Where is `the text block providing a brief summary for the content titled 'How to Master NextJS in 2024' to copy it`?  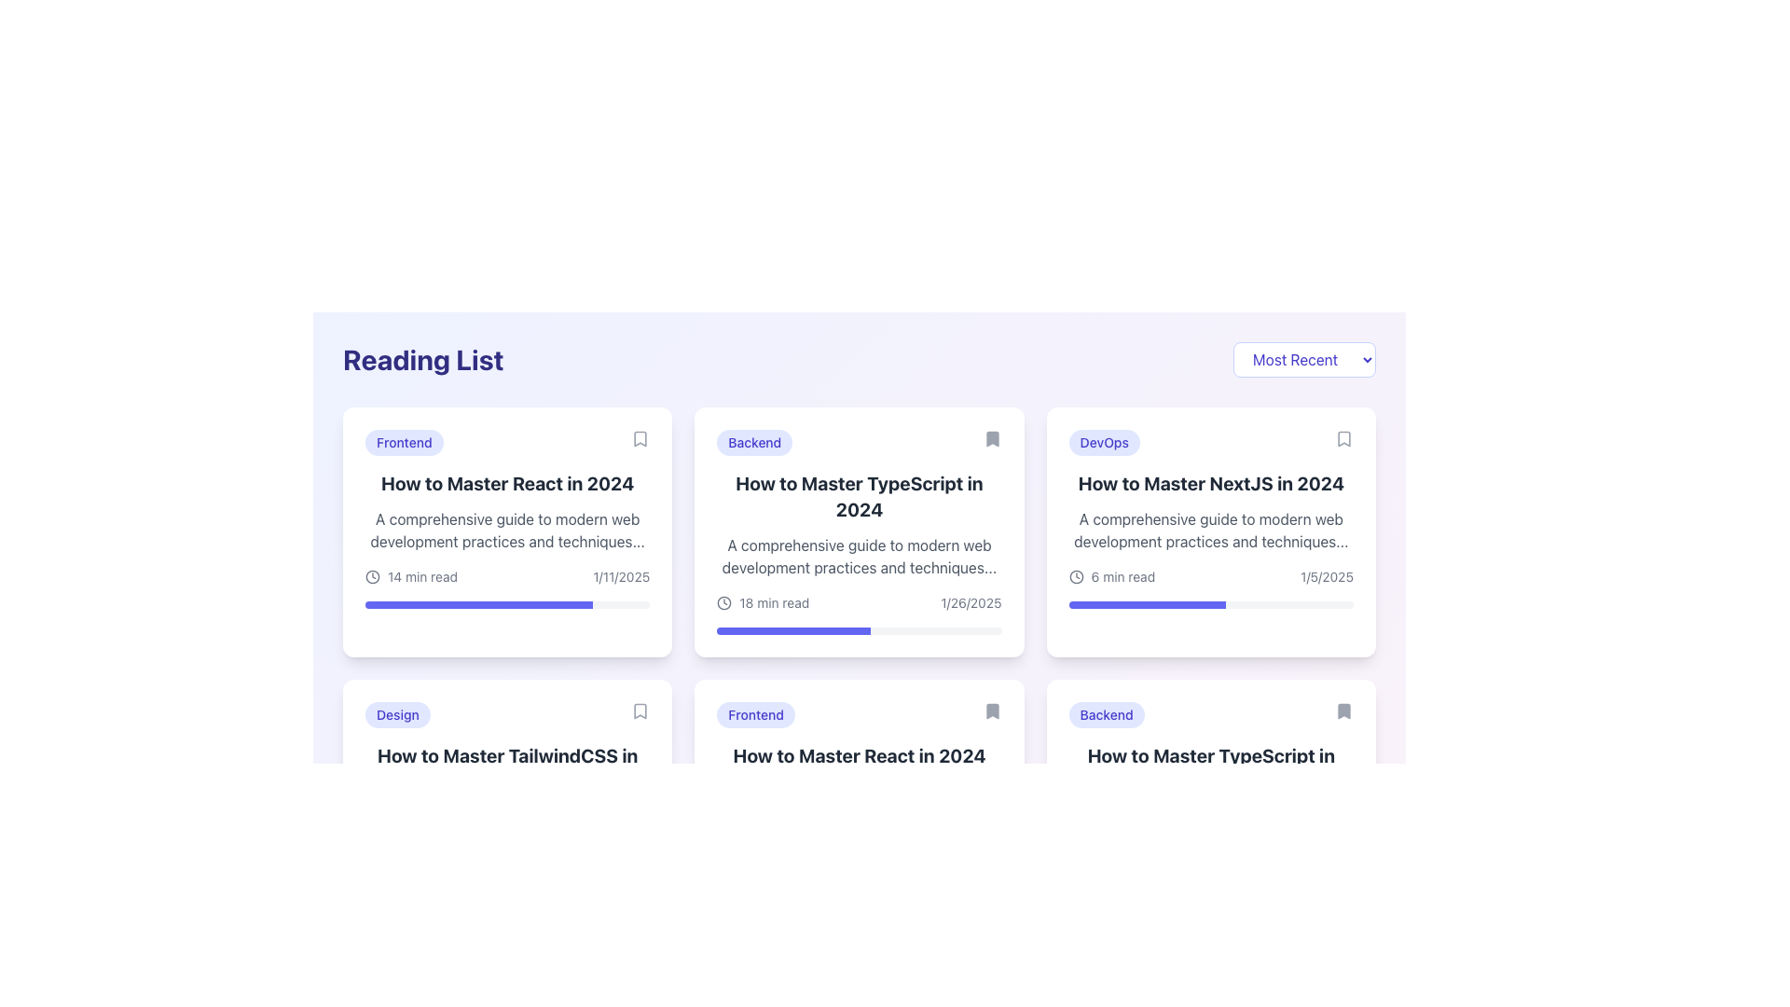 the text block providing a brief summary for the content titled 'How to Master NextJS in 2024' to copy it is located at coordinates (1211, 531).